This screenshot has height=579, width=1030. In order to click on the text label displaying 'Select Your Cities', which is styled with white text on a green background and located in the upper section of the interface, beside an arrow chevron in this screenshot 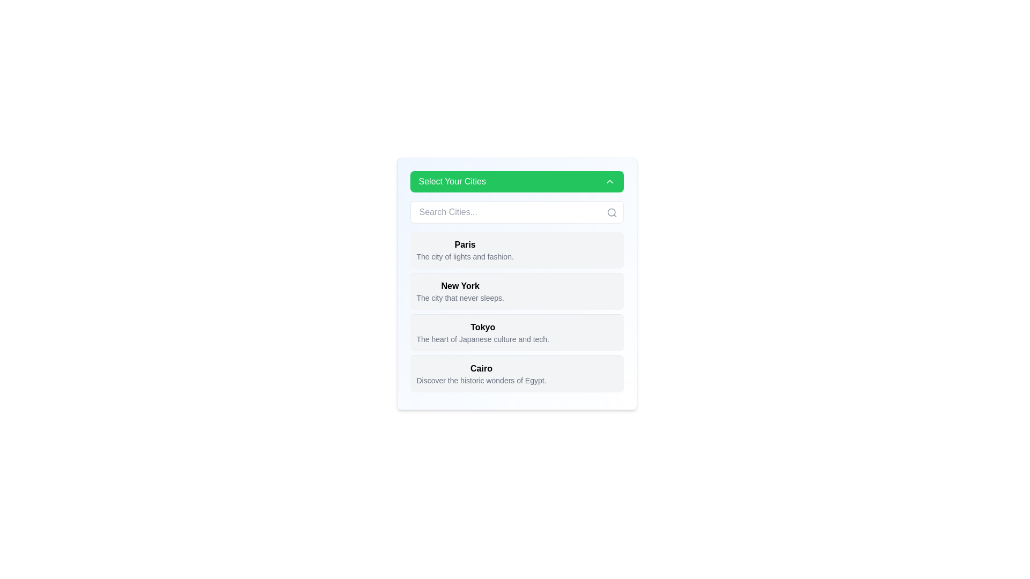, I will do `click(452, 181)`.